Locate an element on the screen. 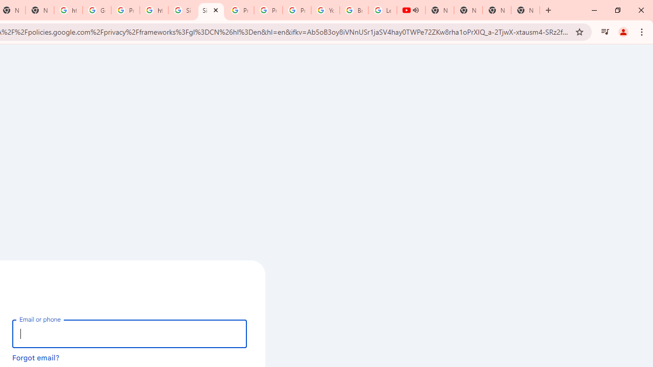 The height and width of the screenshot is (367, 653). 'Privacy Help Center - Policies Help' is located at coordinates (268, 10).